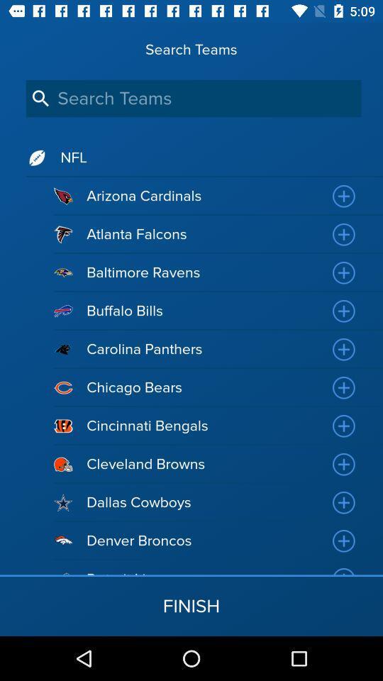 The image size is (383, 681). I want to click on finish icon, so click(191, 605).